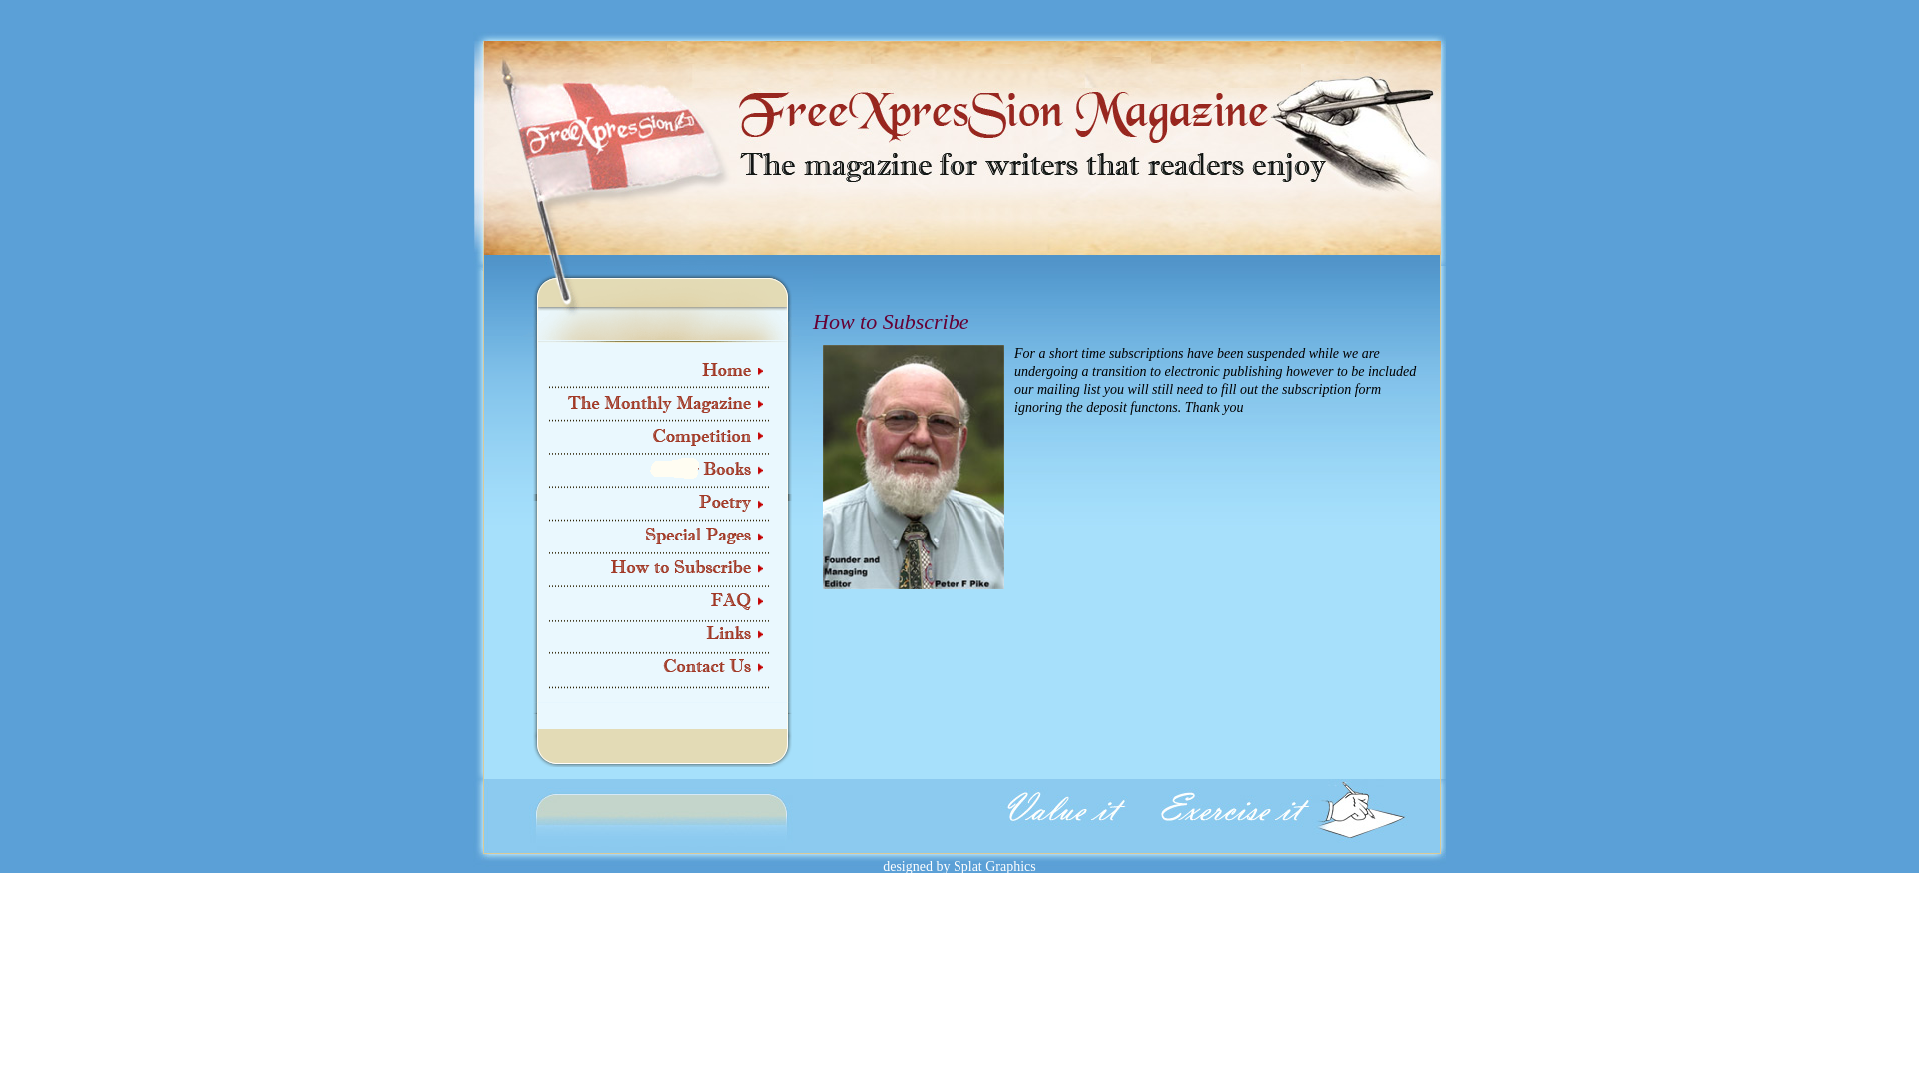 The width and height of the screenshot is (1919, 1079). What do you see at coordinates (959, 865) in the screenshot?
I see `'designed by Splat Graphics'` at bounding box center [959, 865].